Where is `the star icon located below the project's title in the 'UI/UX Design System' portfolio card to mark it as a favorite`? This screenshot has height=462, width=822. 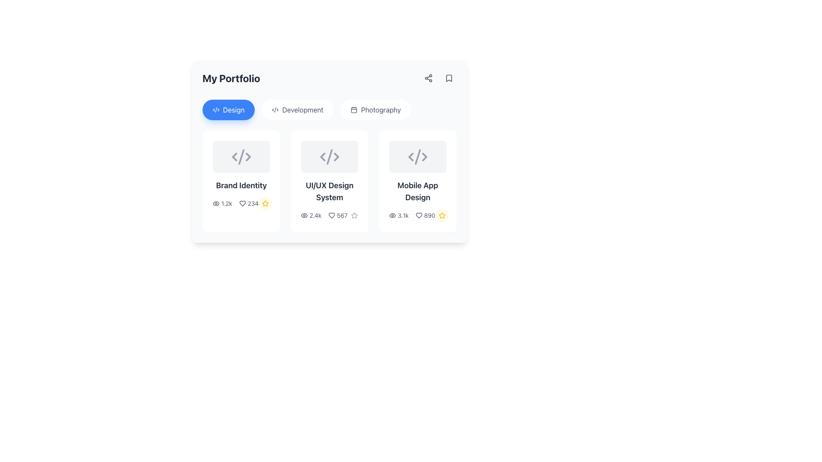 the star icon located below the project's title in the 'UI/UX Design System' portfolio card to mark it as a favorite is located at coordinates (354, 215).